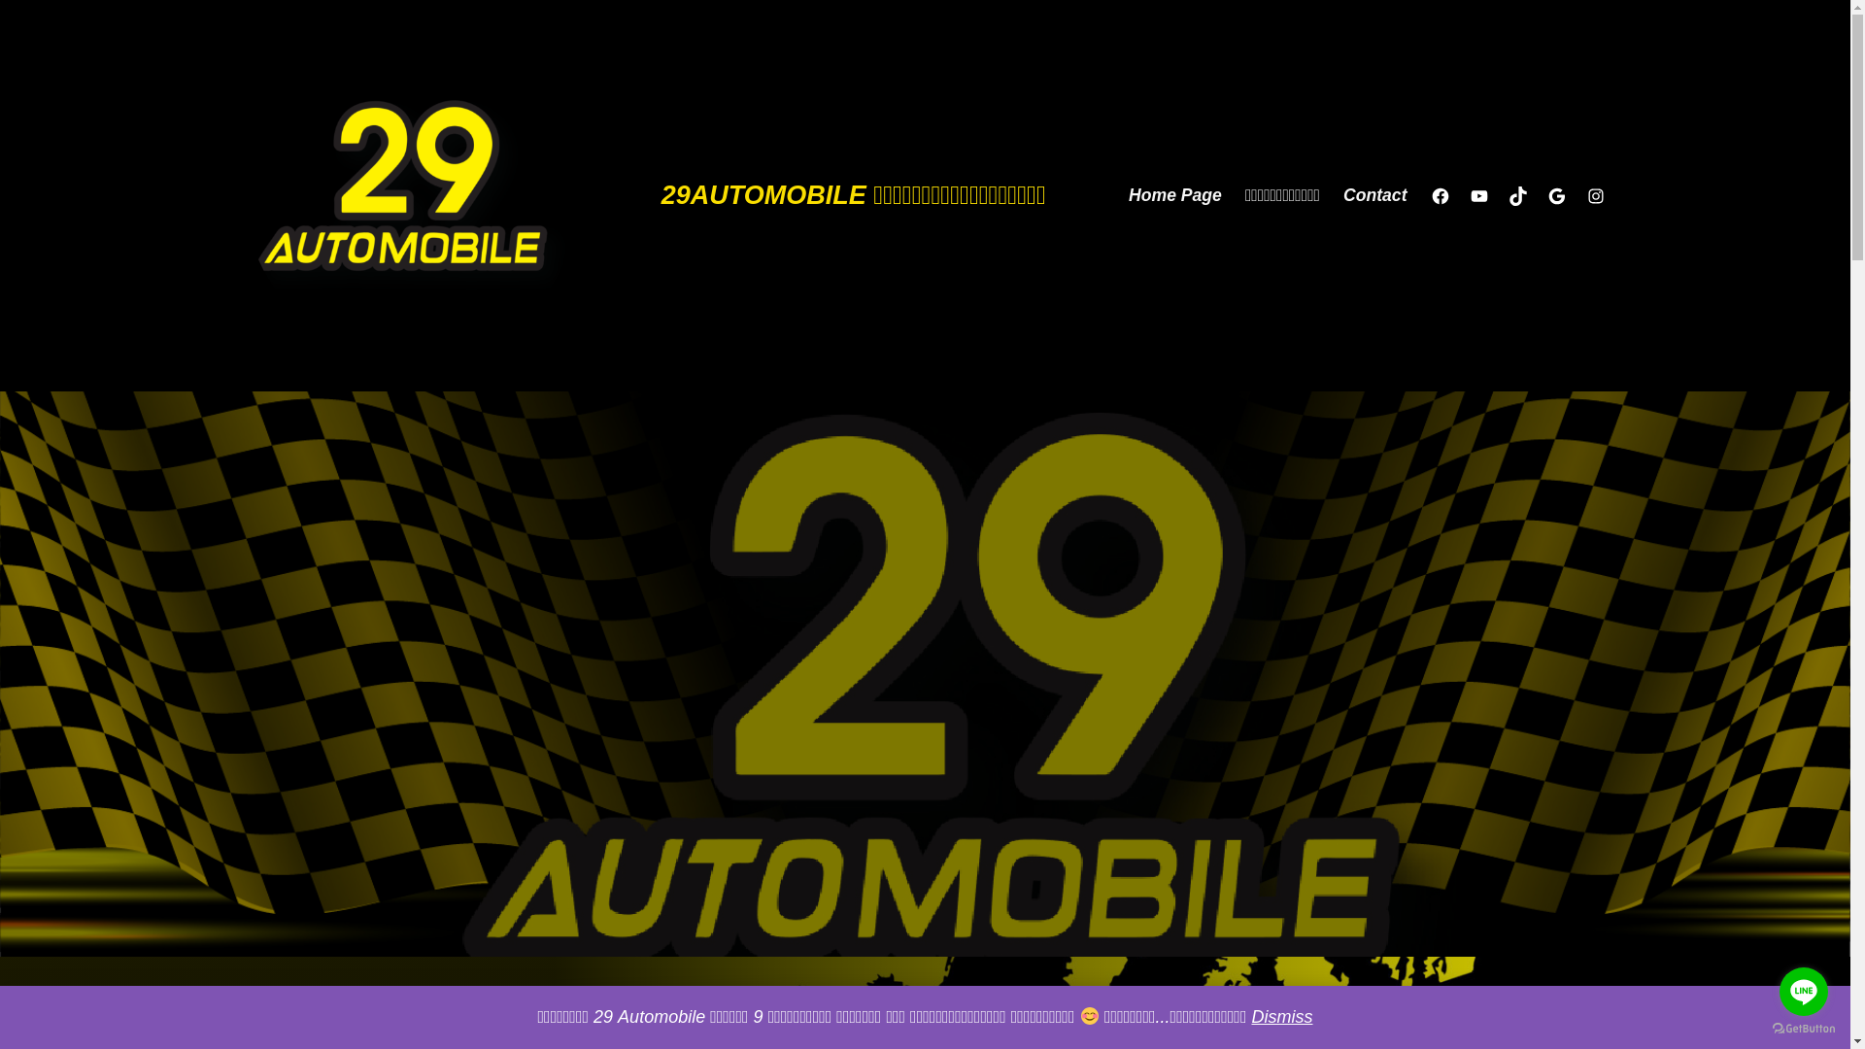 Image resolution: width=1865 pixels, height=1049 pixels. What do you see at coordinates (1374, 195) in the screenshot?
I see `'Contact'` at bounding box center [1374, 195].